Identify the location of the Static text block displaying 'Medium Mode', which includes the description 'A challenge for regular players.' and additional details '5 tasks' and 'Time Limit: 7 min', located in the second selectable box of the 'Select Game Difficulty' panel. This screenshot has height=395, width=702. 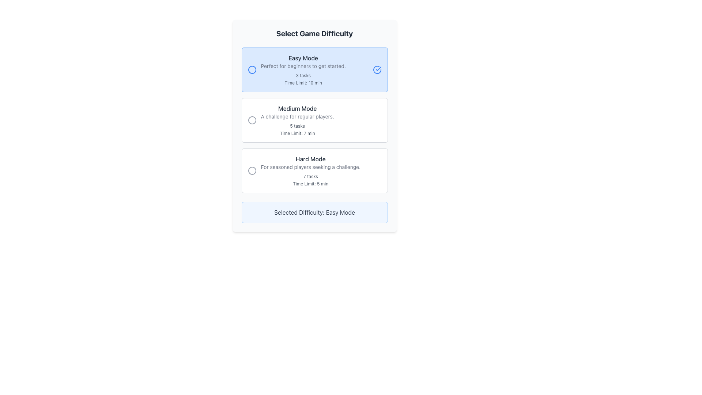
(297, 120).